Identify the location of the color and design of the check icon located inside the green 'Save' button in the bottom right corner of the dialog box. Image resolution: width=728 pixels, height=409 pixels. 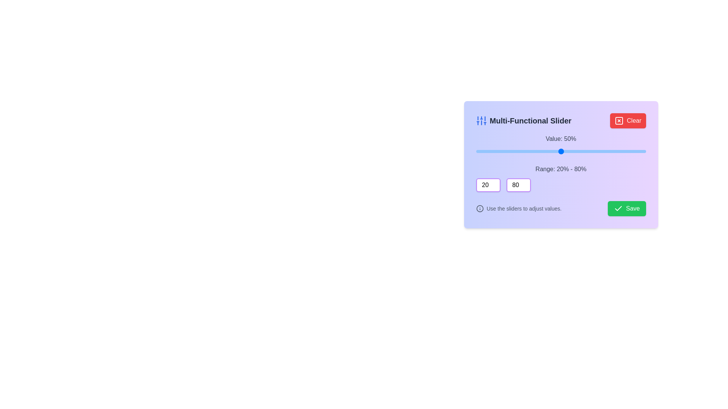
(618, 209).